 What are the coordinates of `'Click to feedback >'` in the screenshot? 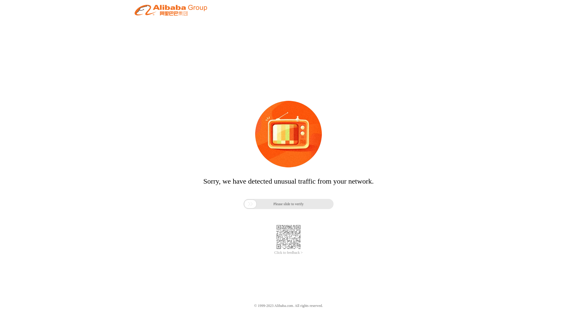 It's located at (288, 253).